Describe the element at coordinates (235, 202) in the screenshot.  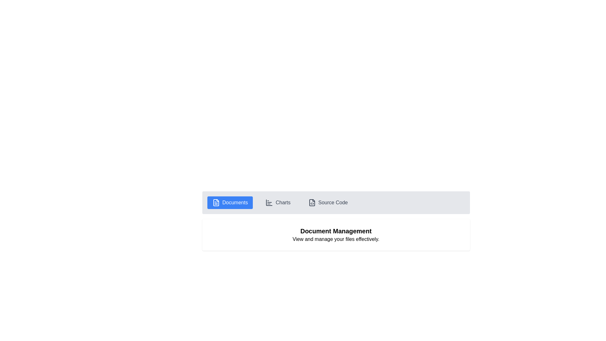
I see `the text label displaying 'Documents' within the button or tab component` at that location.